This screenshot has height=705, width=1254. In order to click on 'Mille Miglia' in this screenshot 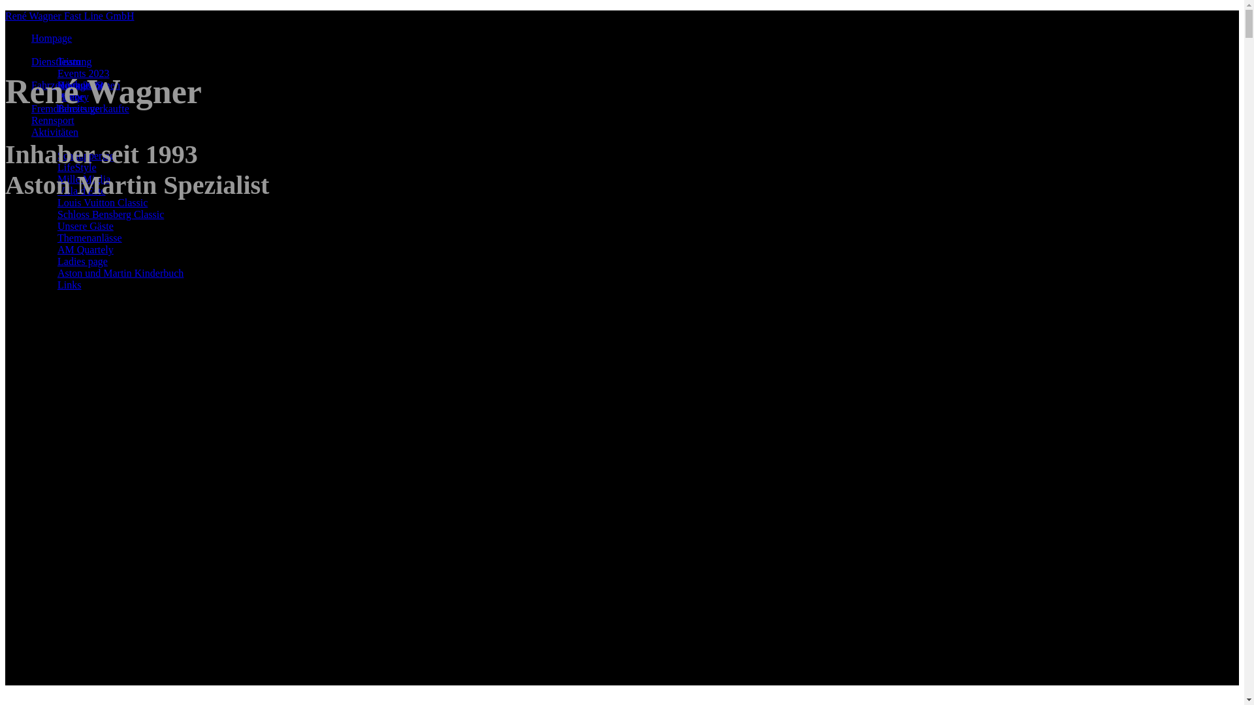, I will do `click(83, 179)`.